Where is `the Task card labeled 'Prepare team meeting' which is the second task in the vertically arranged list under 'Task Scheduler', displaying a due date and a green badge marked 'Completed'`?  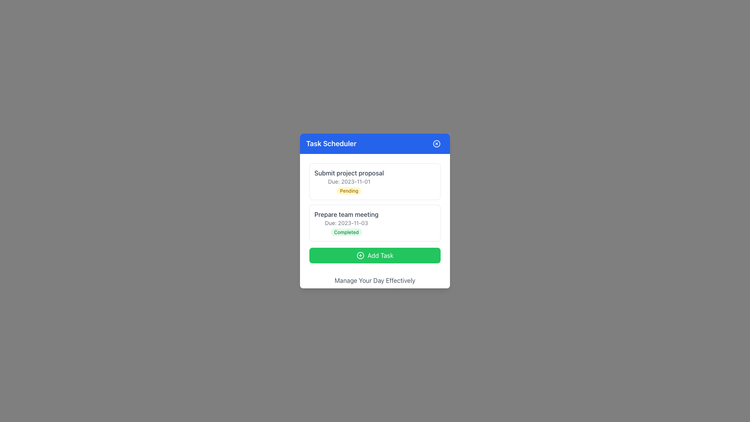 the Task card labeled 'Prepare team meeting' which is the second task in the vertically arranged list under 'Task Scheduler', displaying a due date and a green badge marked 'Completed' is located at coordinates (375, 223).